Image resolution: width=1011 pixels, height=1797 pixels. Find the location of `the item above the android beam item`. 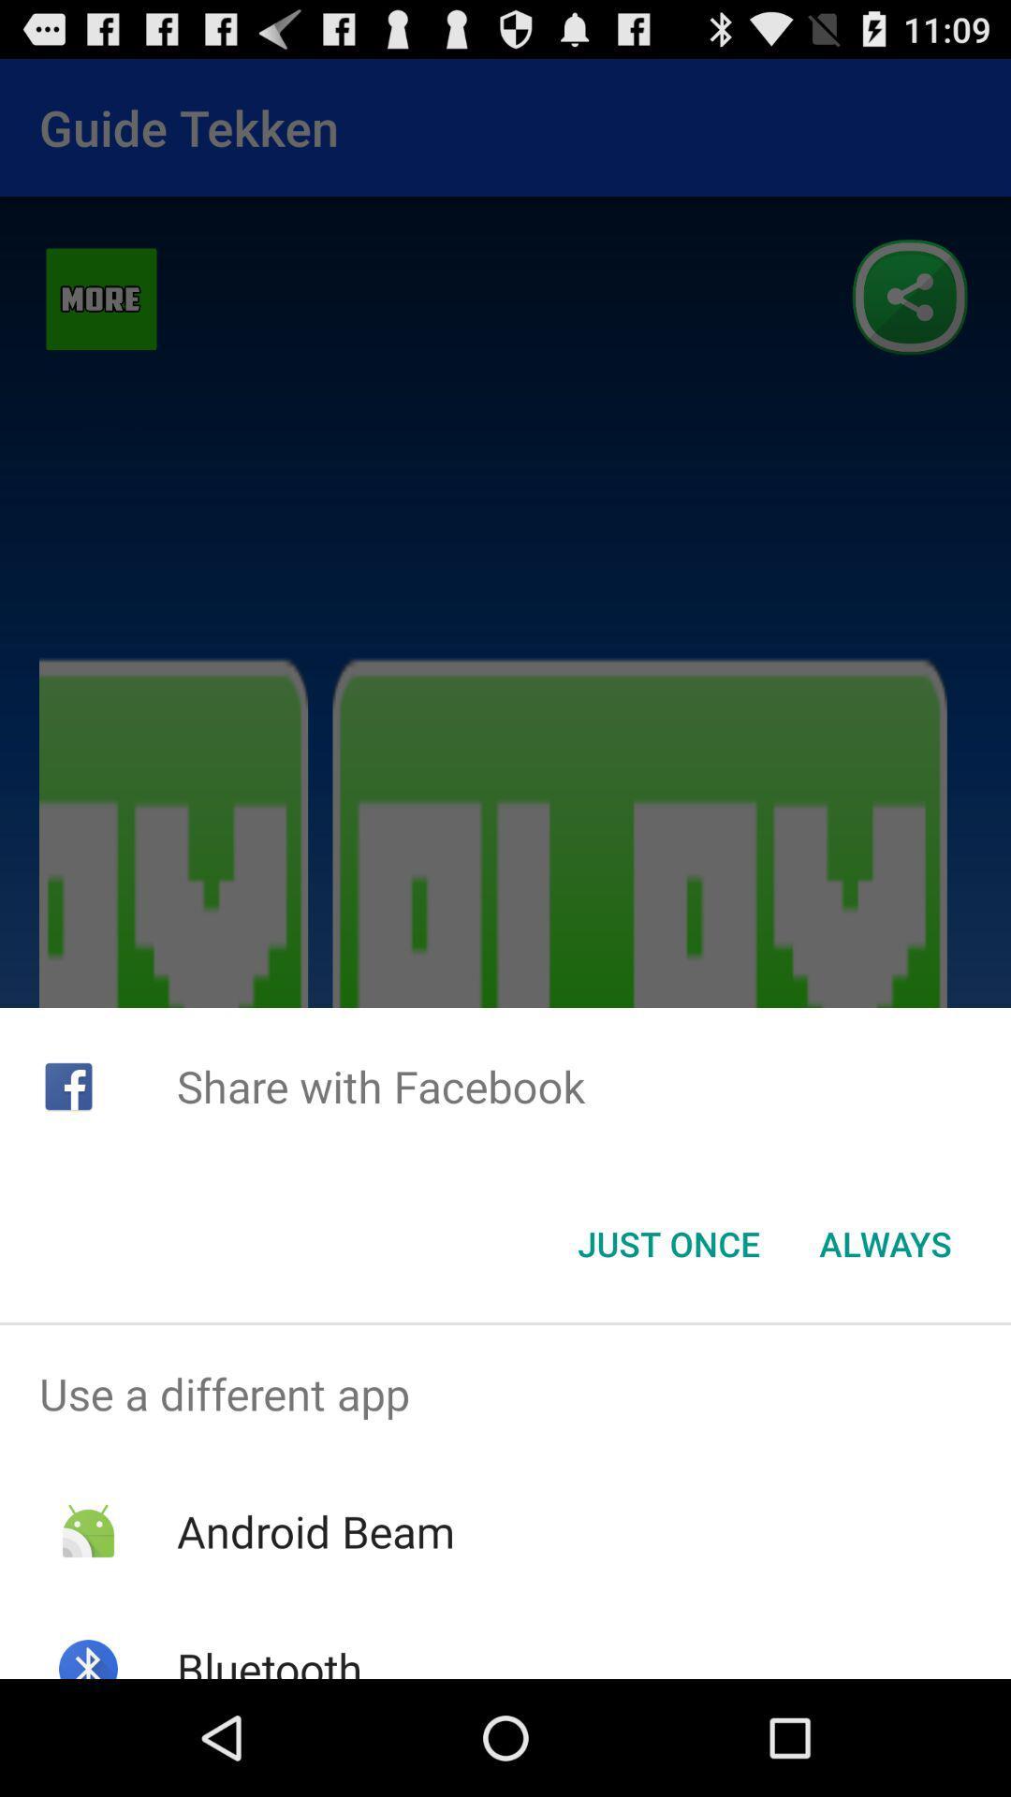

the item above the android beam item is located at coordinates (505, 1394).